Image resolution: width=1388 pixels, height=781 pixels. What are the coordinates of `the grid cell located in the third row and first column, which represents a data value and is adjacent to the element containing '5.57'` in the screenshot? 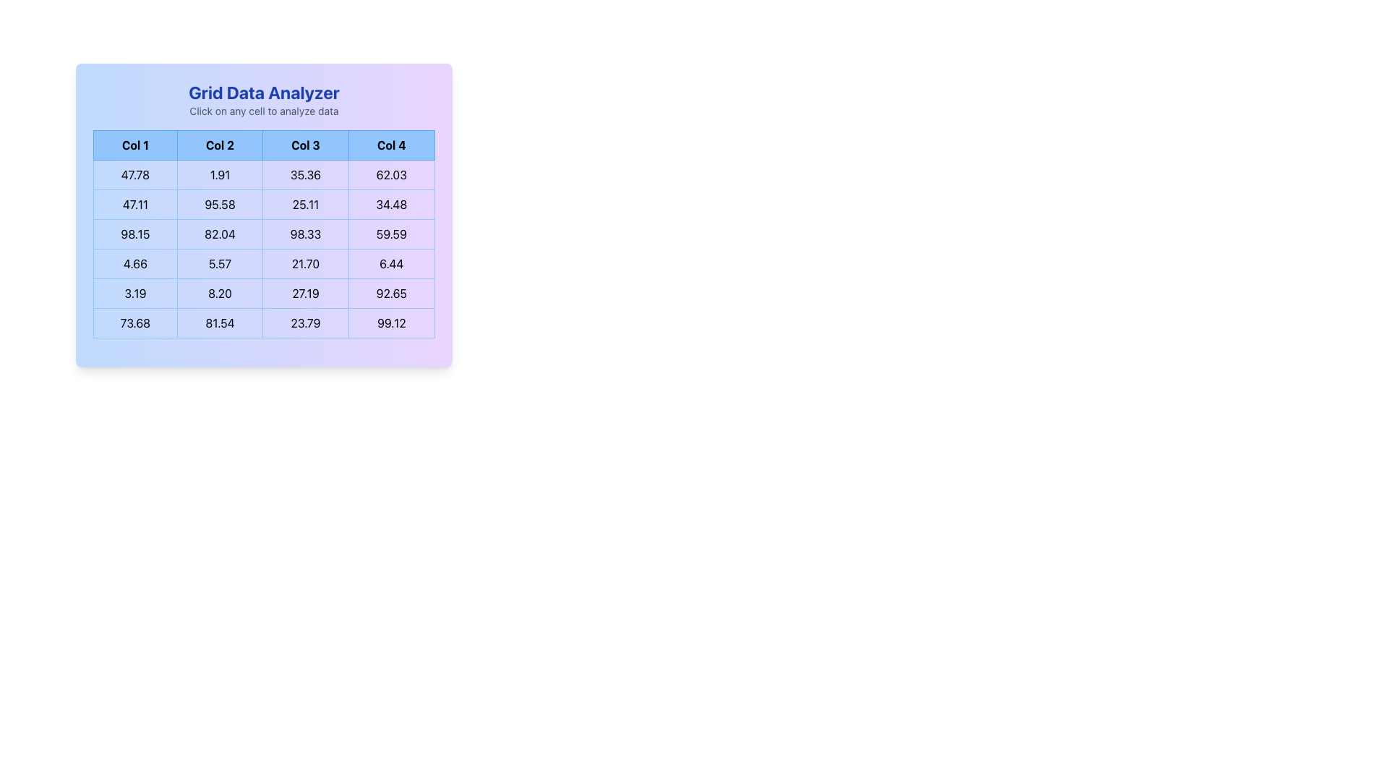 It's located at (135, 264).